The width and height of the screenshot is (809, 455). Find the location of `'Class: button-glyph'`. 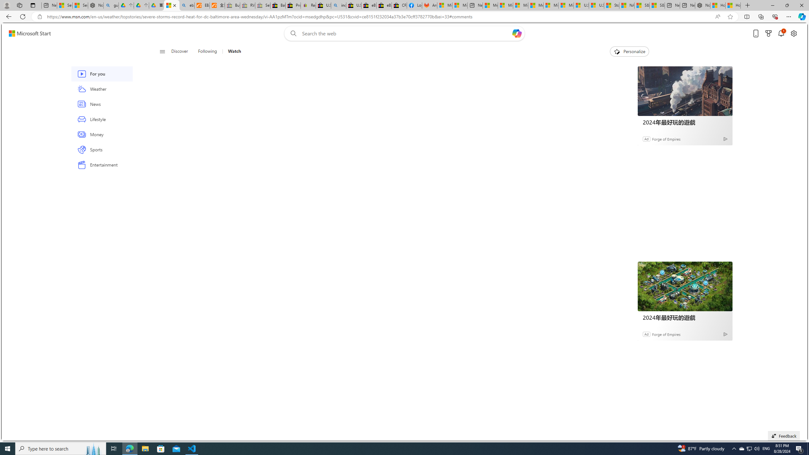

'Class: button-glyph' is located at coordinates (162, 51).